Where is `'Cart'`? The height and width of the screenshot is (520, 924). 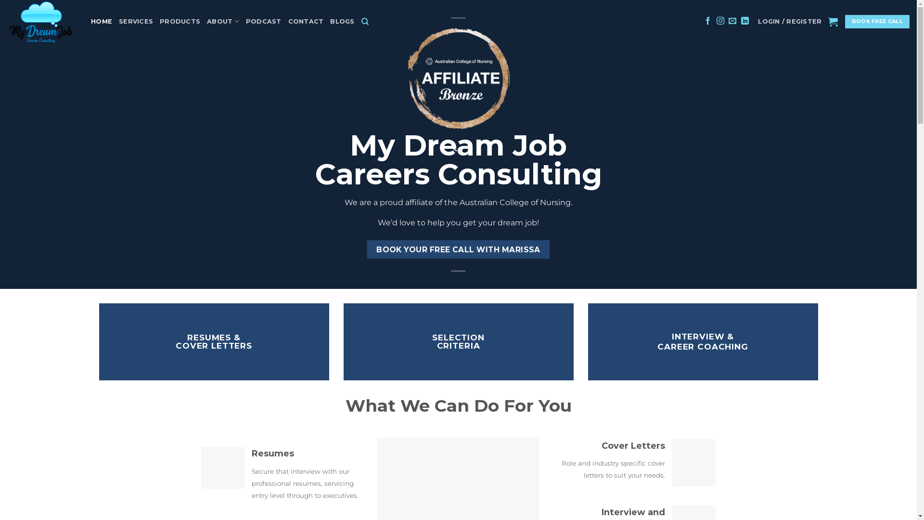 'Cart' is located at coordinates (833, 22).